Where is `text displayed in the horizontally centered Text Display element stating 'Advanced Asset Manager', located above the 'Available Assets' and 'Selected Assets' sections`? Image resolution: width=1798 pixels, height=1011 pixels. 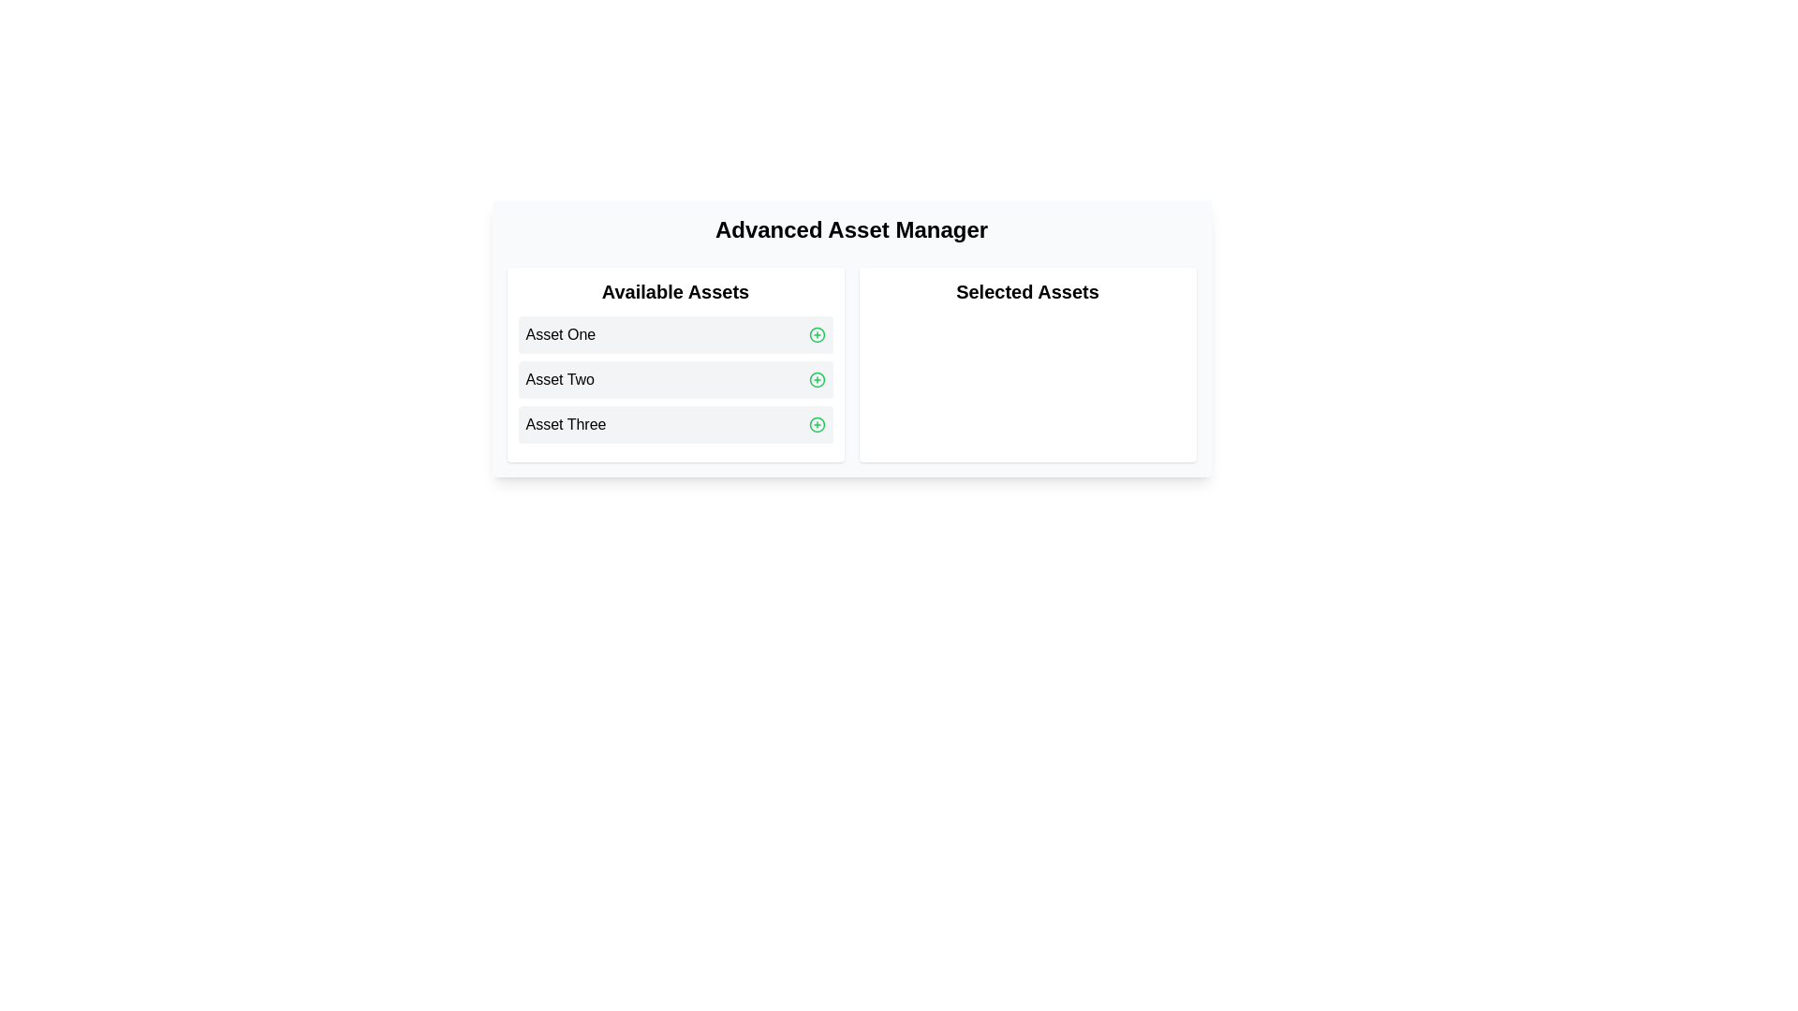
text displayed in the horizontally centered Text Display element stating 'Advanced Asset Manager', located above the 'Available Assets' and 'Selected Assets' sections is located at coordinates (850, 229).